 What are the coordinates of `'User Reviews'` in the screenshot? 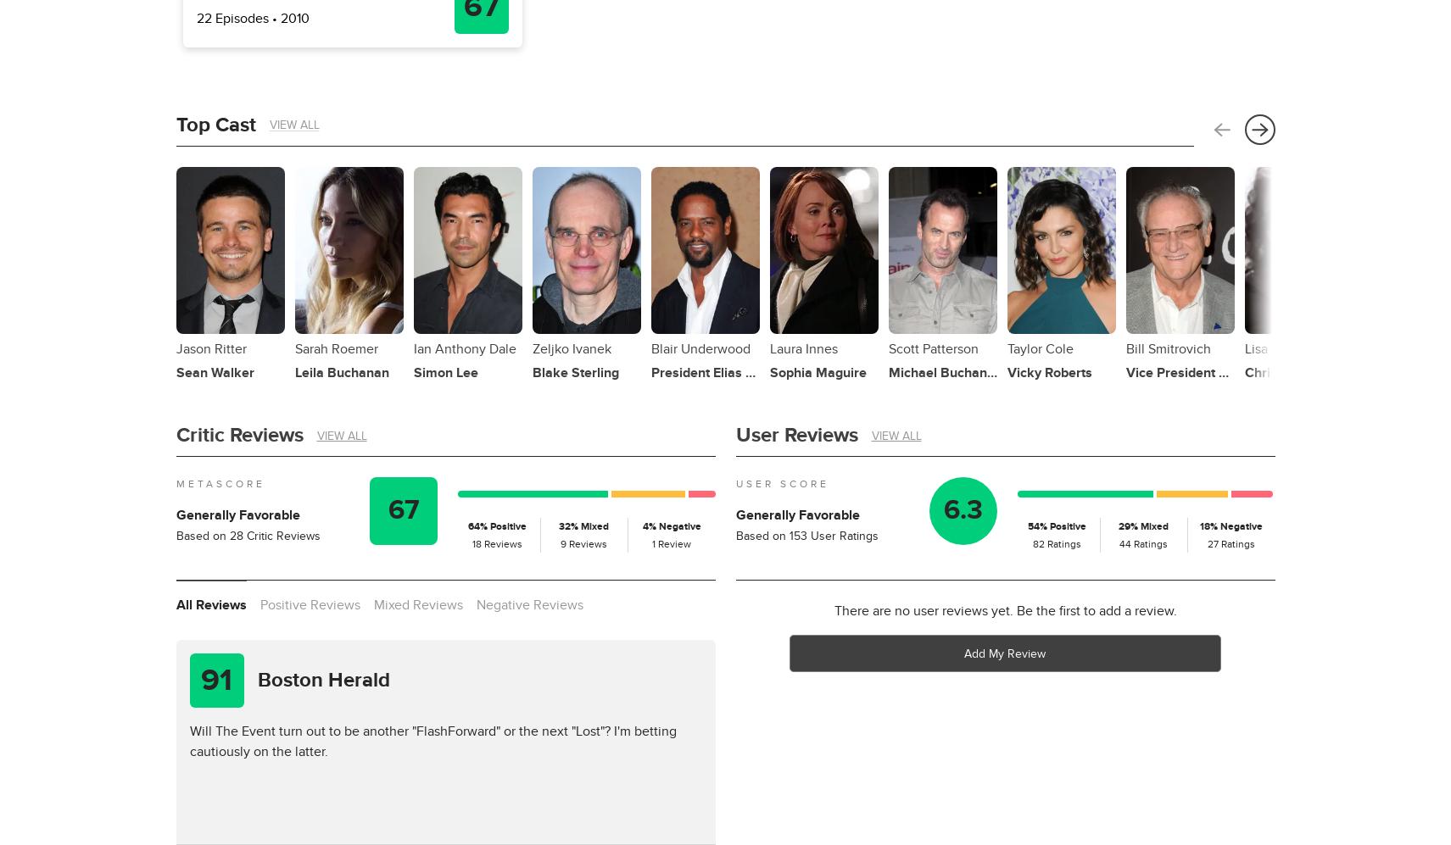 It's located at (734, 434).